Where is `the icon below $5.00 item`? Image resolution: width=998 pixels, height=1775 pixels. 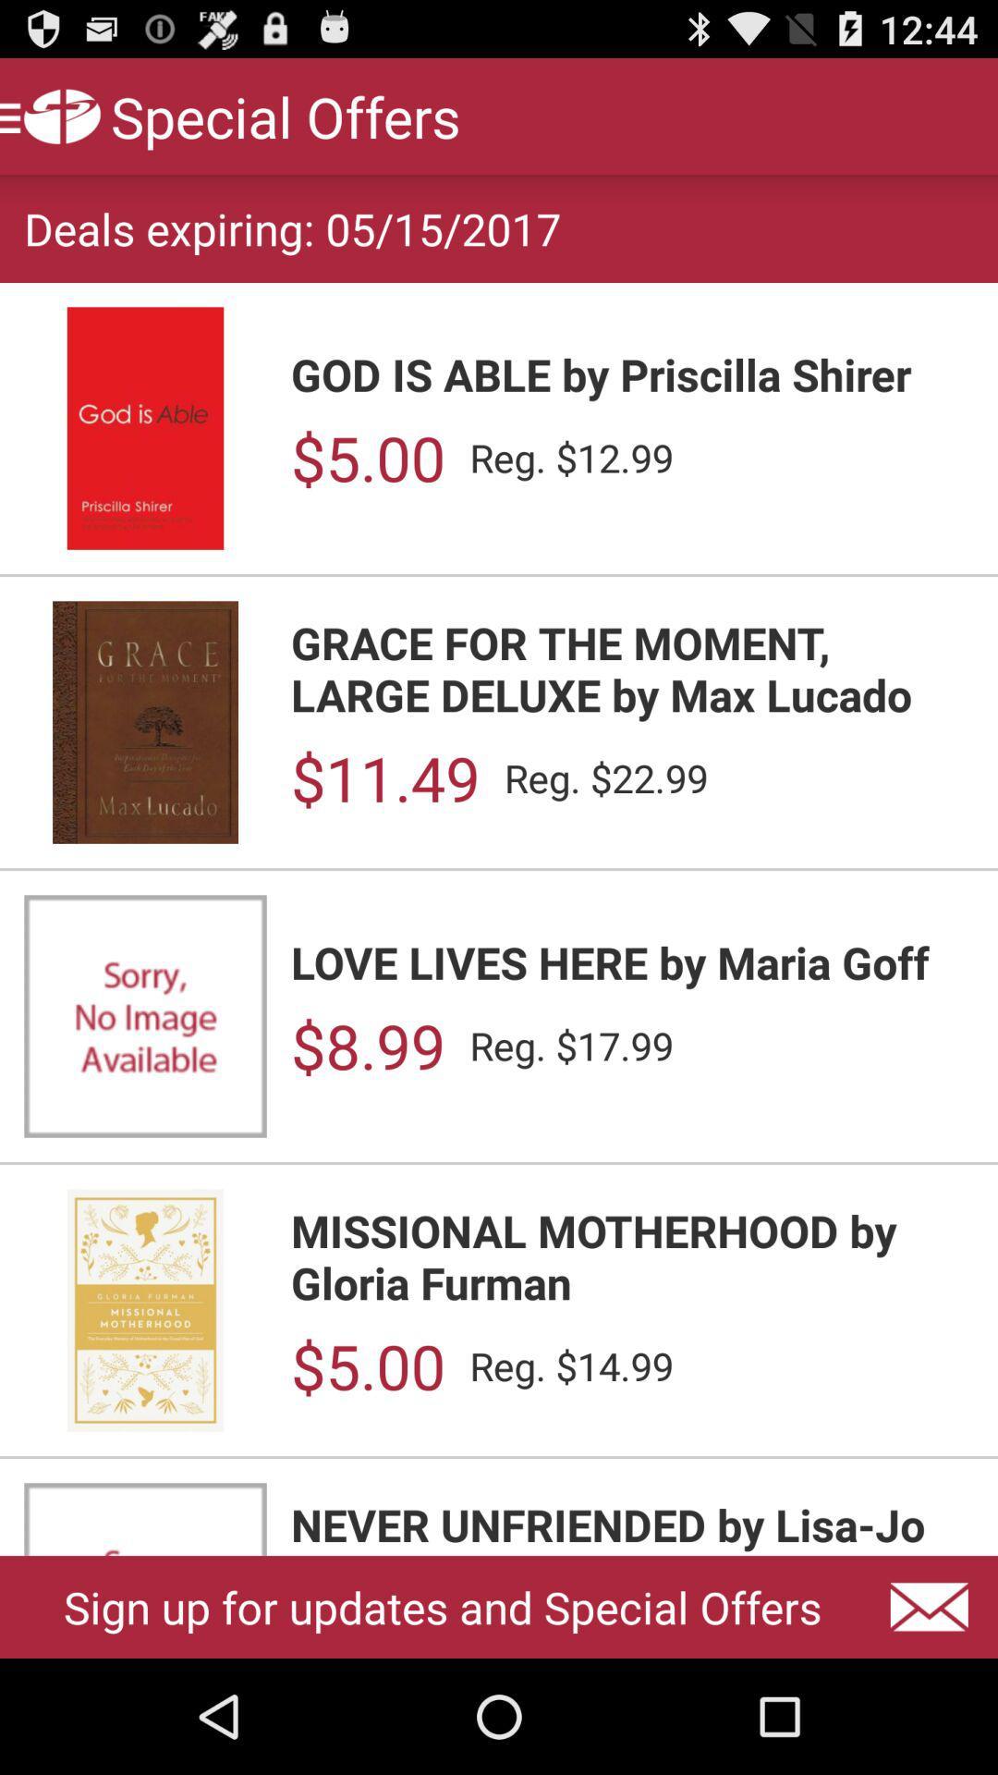
the icon below $5.00 item is located at coordinates (631, 667).